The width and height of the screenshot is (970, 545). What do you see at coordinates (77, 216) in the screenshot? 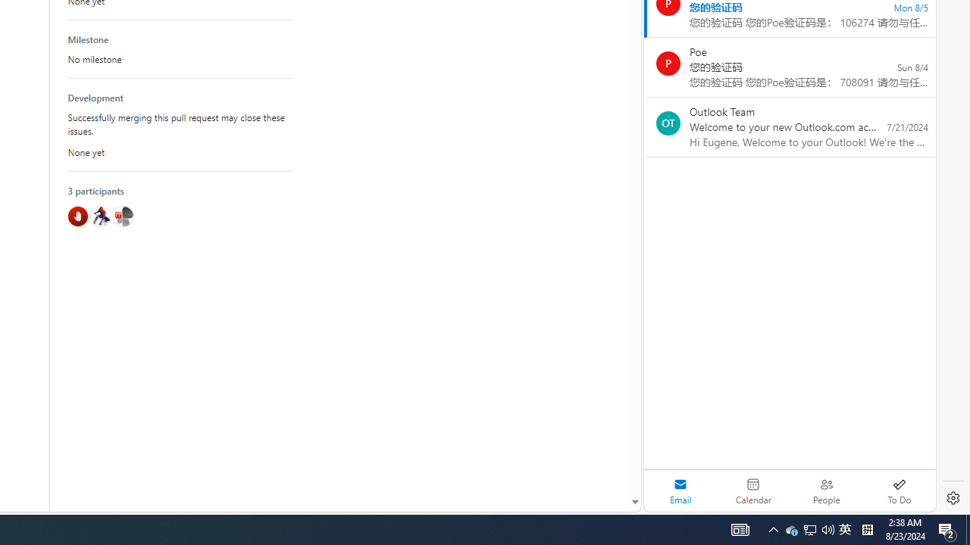
I see `'@blocker999'` at bounding box center [77, 216].